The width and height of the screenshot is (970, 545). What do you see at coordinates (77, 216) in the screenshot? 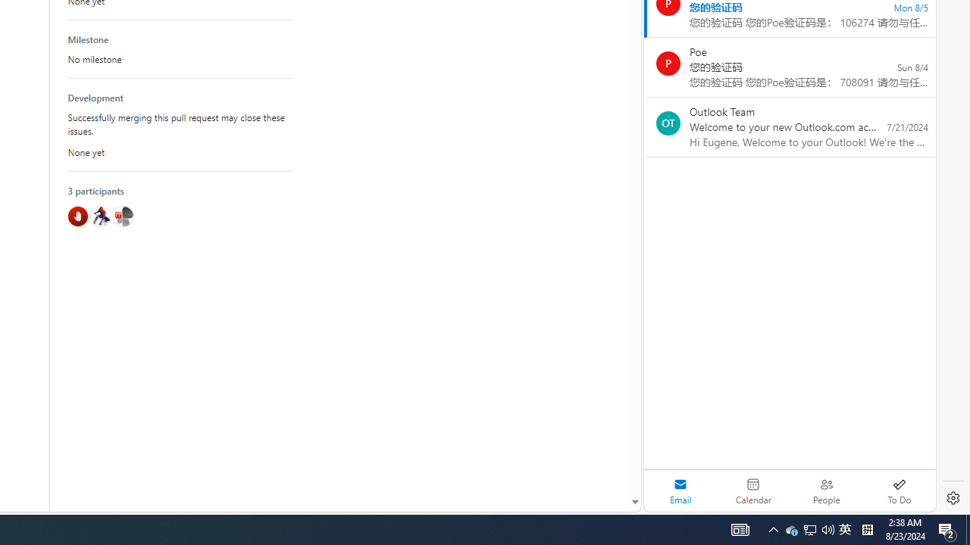
I see `'@blocker999'` at bounding box center [77, 216].